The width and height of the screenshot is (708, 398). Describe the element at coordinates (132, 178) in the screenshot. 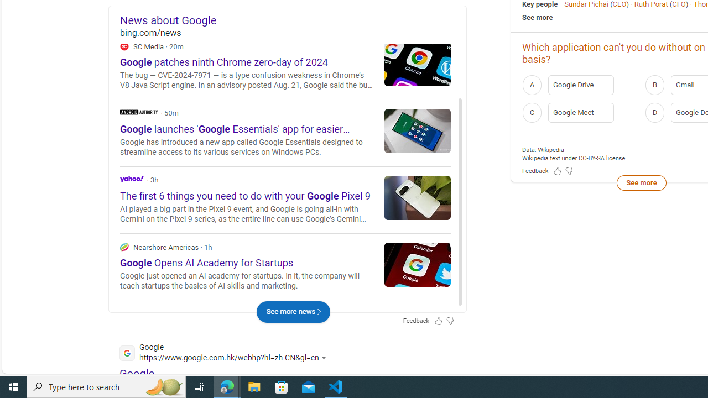

I see `'Yahoo'` at that location.